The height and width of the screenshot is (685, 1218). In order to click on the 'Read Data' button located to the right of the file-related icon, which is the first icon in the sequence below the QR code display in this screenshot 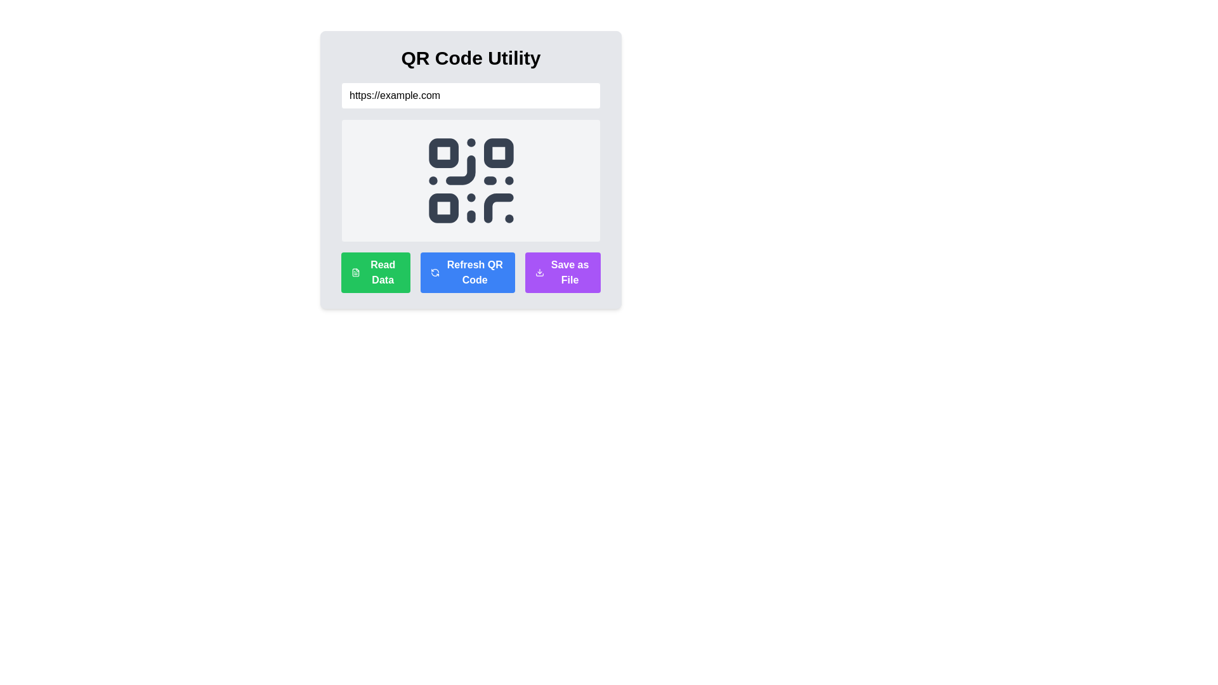, I will do `click(355, 271)`.